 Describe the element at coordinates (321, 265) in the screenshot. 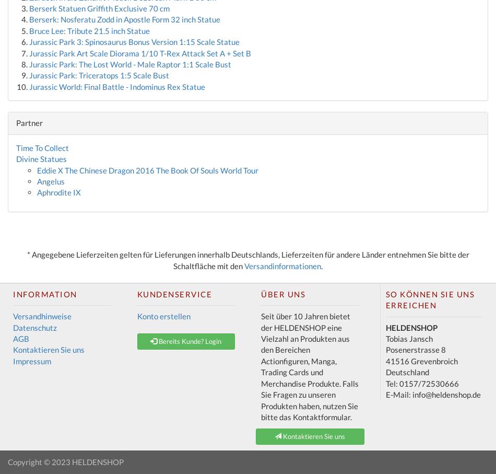

I see `'.'` at that location.